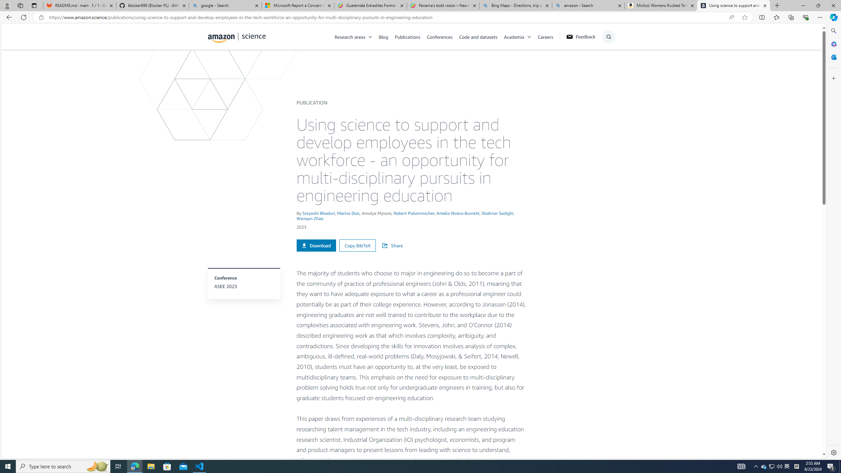 This screenshot has height=473, width=841. What do you see at coordinates (316, 245) in the screenshot?
I see `'Download'` at bounding box center [316, 245].